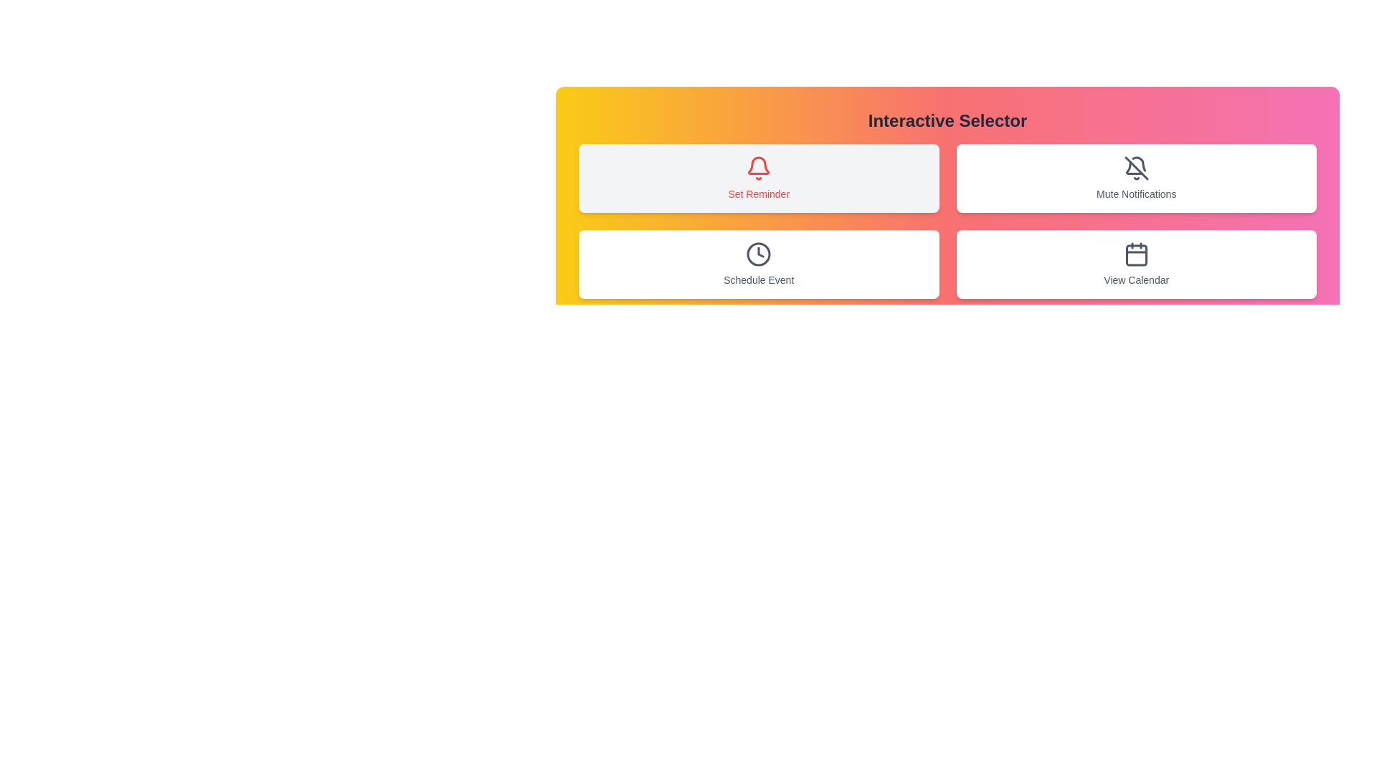 This screenshot has width=1377, height=774. I want to click on the button corresponding to Mute Notifications to select it, so click(1135, 178).